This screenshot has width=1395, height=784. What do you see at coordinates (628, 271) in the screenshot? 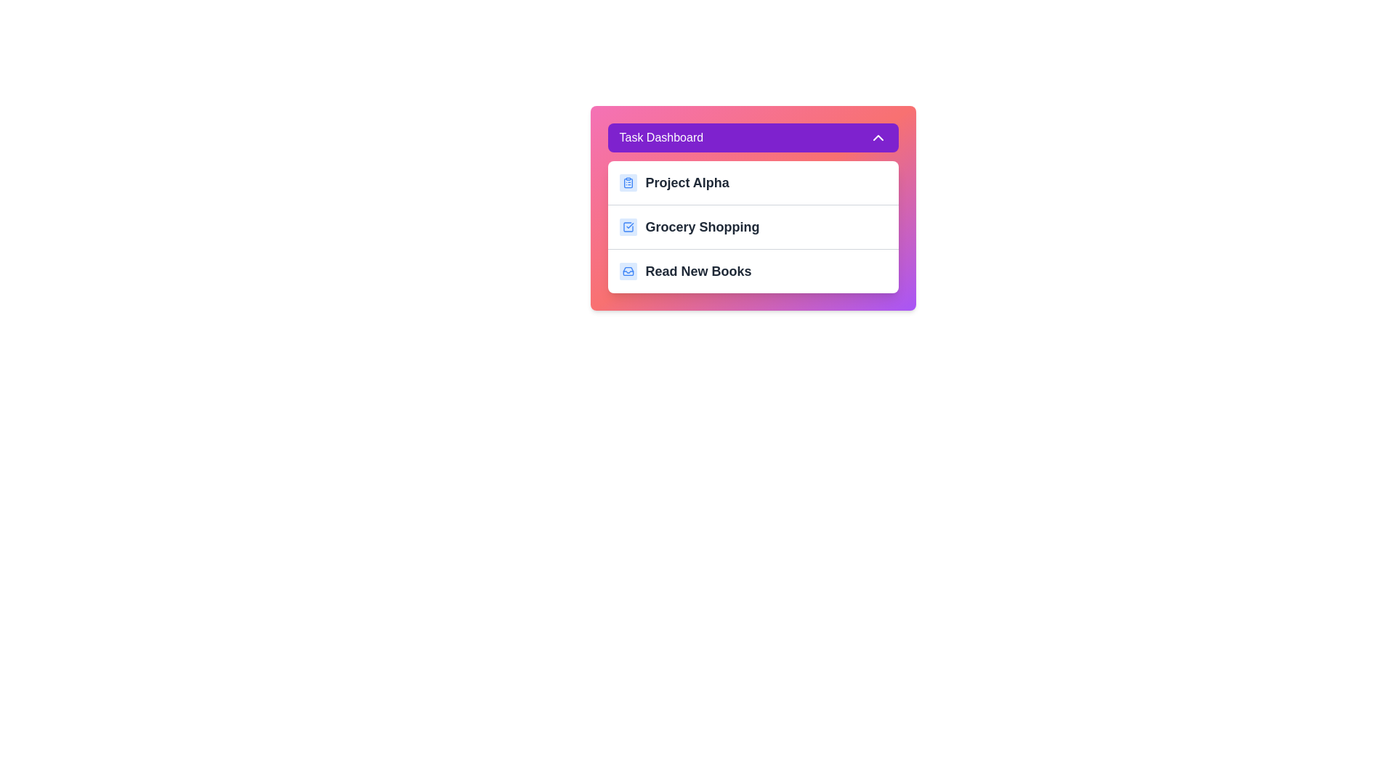
I see `the icon located to the left of the 'Read New Books' text, which serves as an indicator or enhancer for the task` at bounding box center [628, 271].